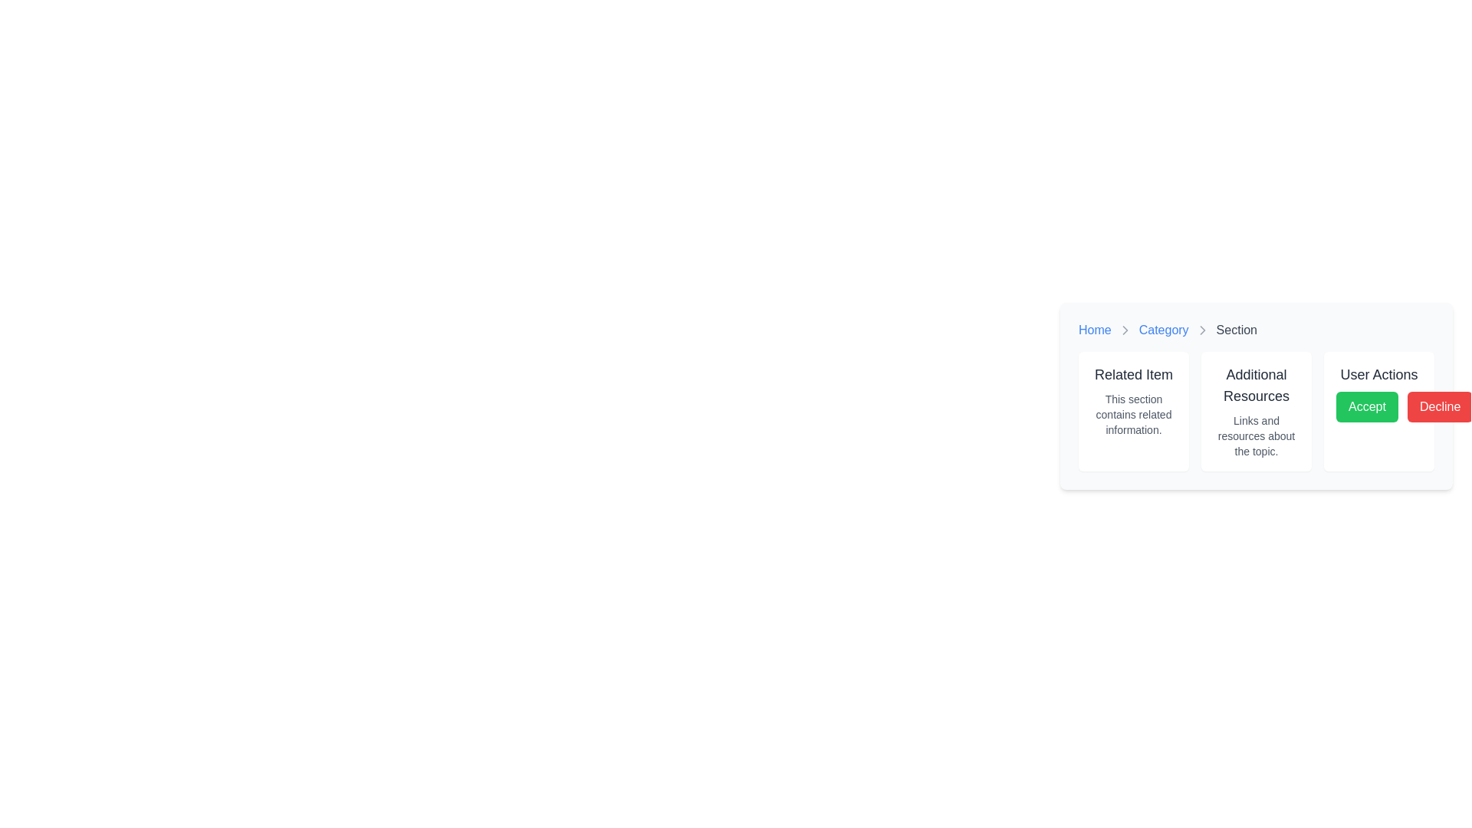  Describe the element at coordinates (1125, 330) in the screenshot. I see `the breadcrumb separator icon located between the 'Home' and 'Category' links in the navigation bar` at that location.